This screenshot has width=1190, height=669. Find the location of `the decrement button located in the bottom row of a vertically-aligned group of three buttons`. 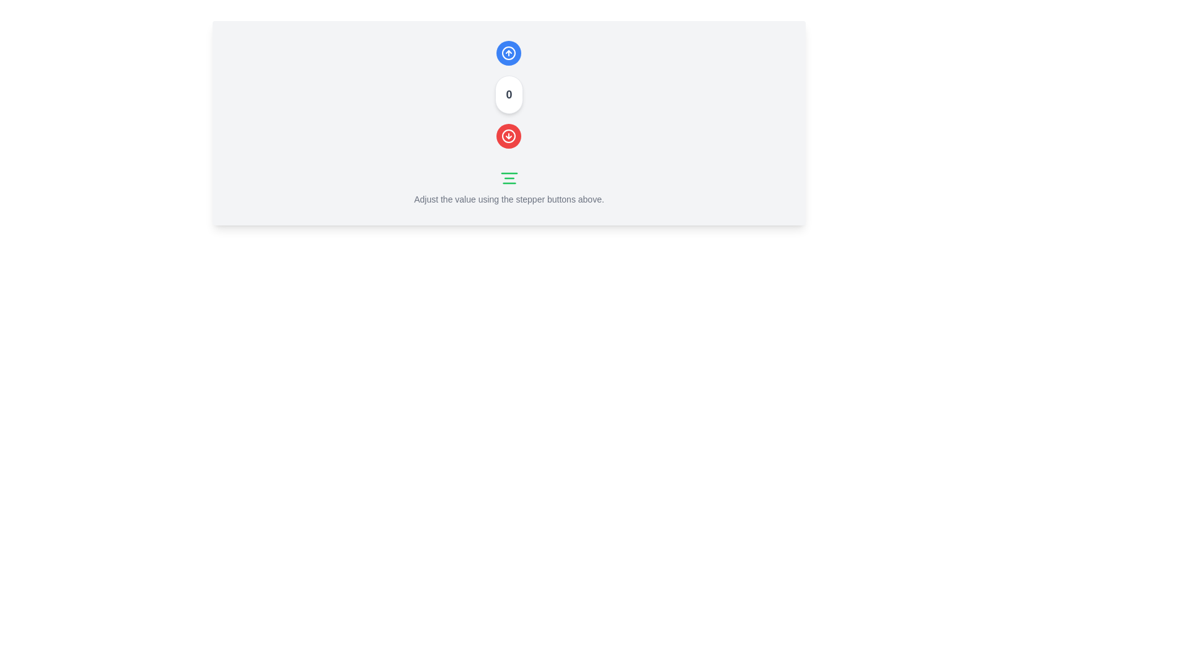

the decrement button located in the bottom row of a vertically-aligned group of three buttons is located at coordinates (509, 136).